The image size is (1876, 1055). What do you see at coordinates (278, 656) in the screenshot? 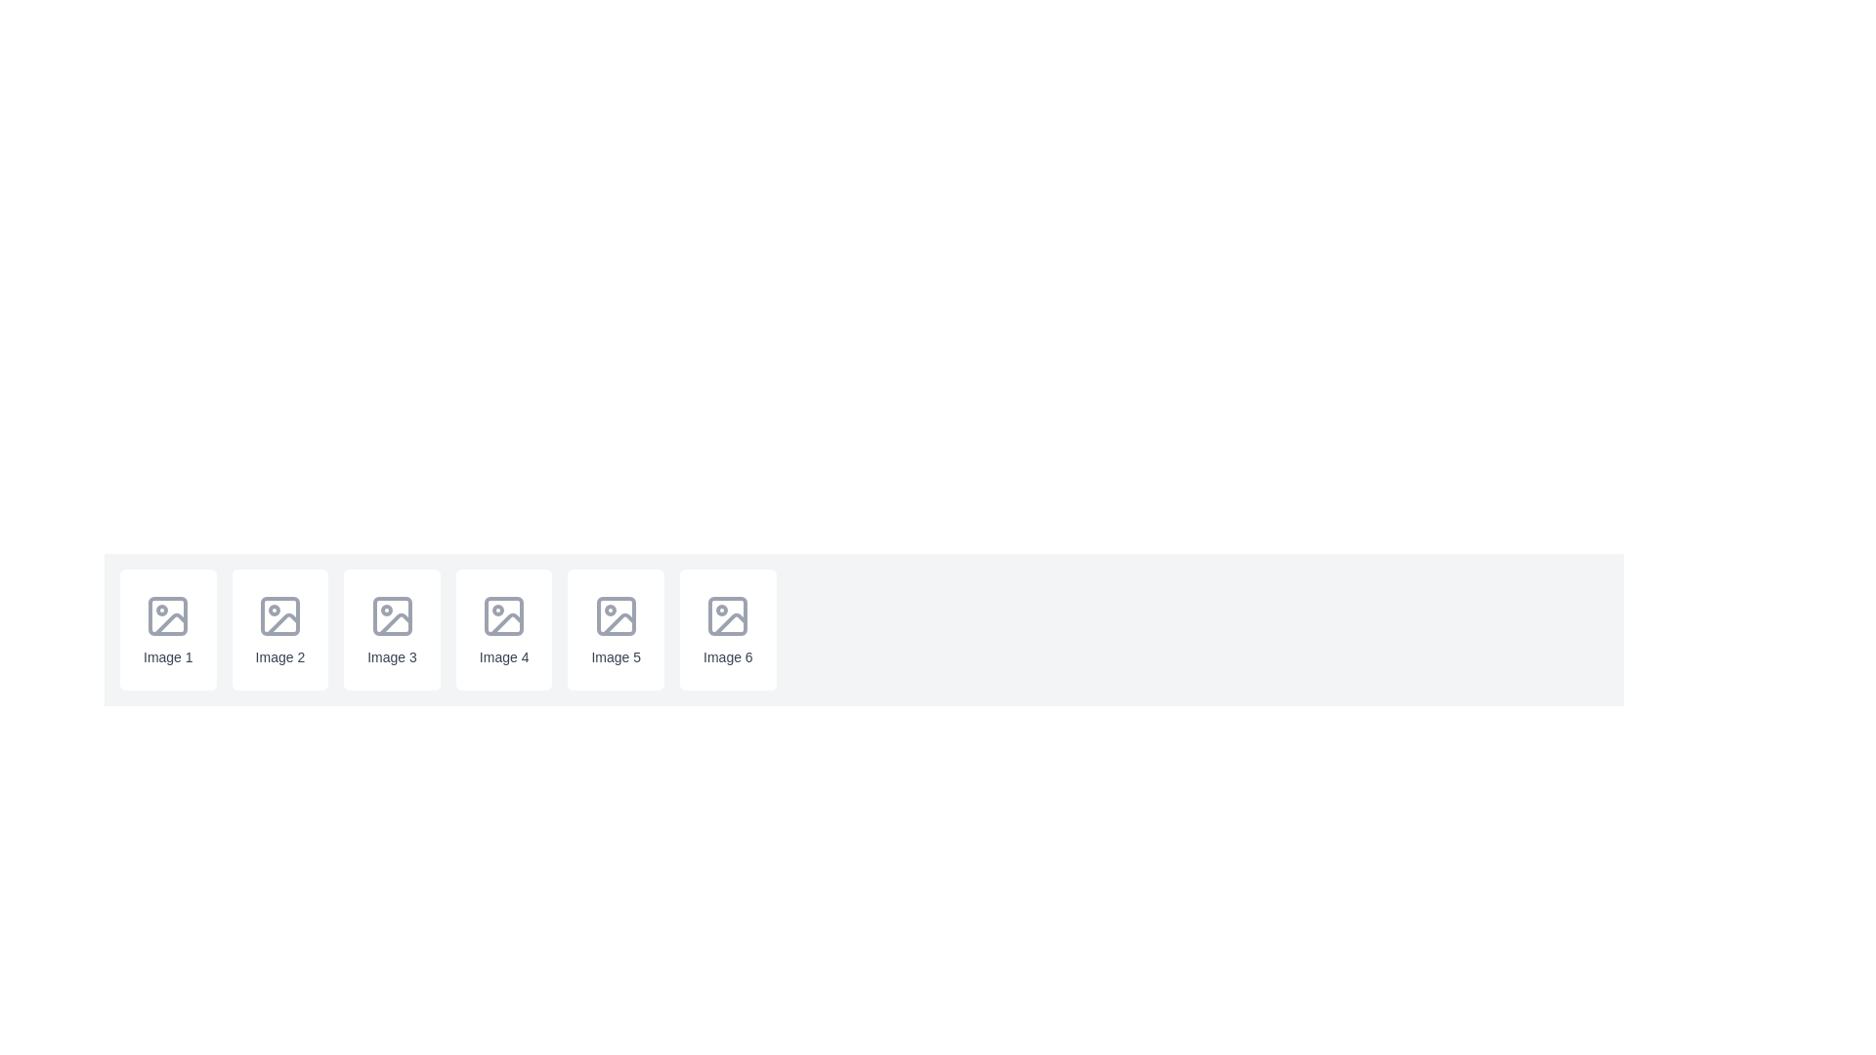
I see `text content of the small gray text label displaying 'Image 2', which is located below an image icon as the second item in a horizontal list` at bounding box center [278, 656].